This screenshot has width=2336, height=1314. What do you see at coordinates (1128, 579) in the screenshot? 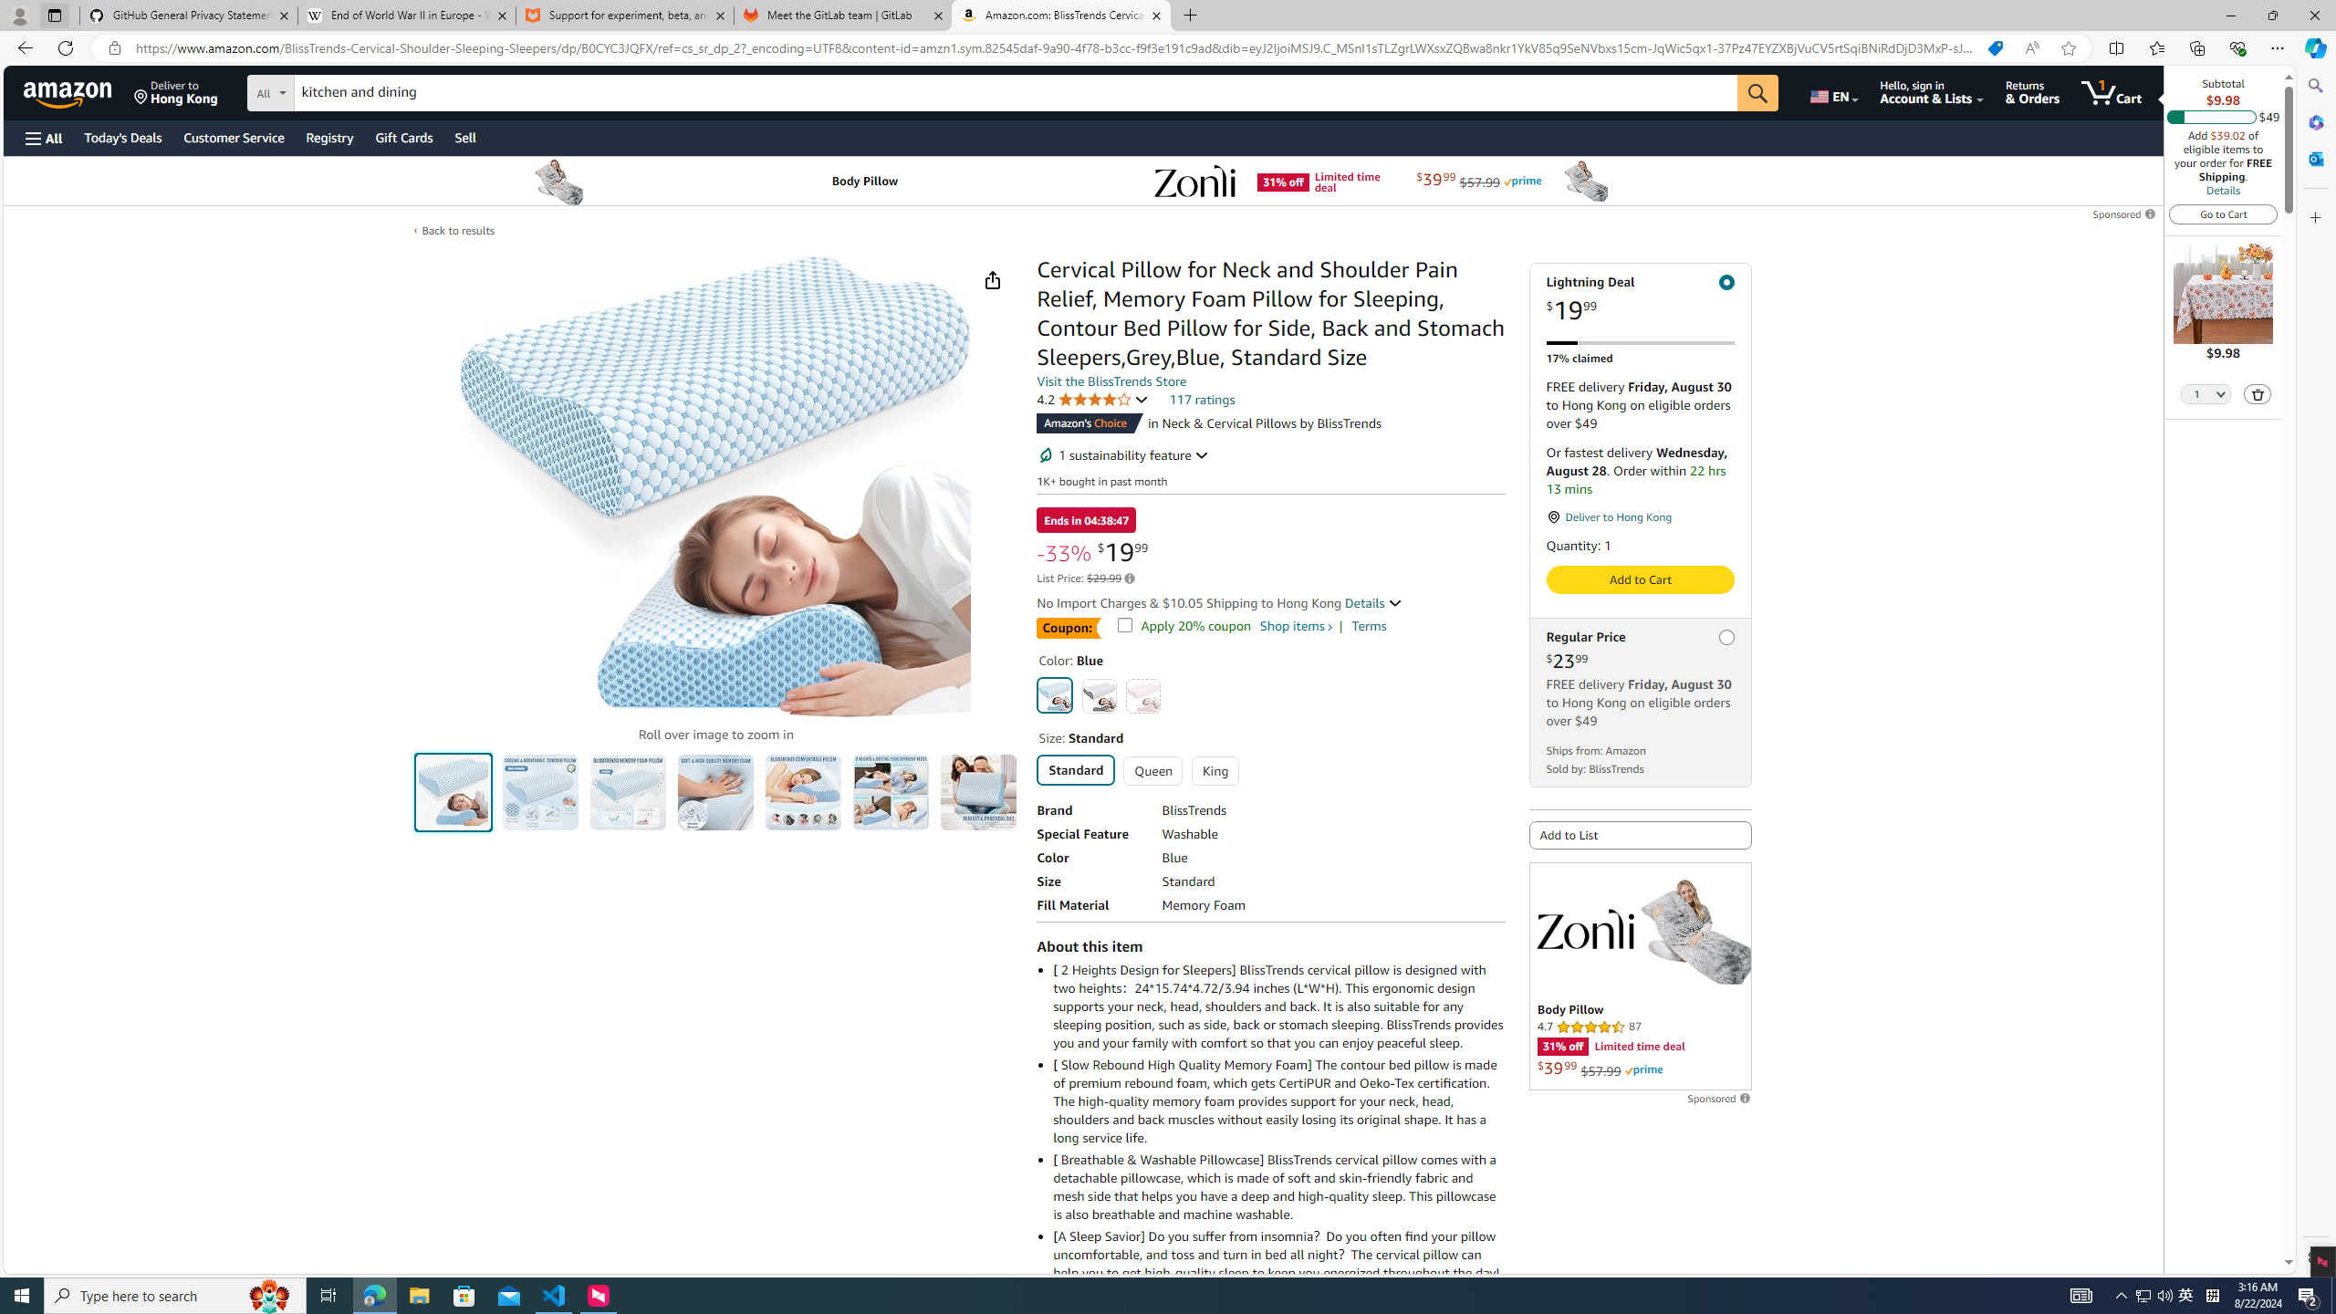
I see `'Learn more about Amazon pricing and savings'` at bounding box center [1128, 579].